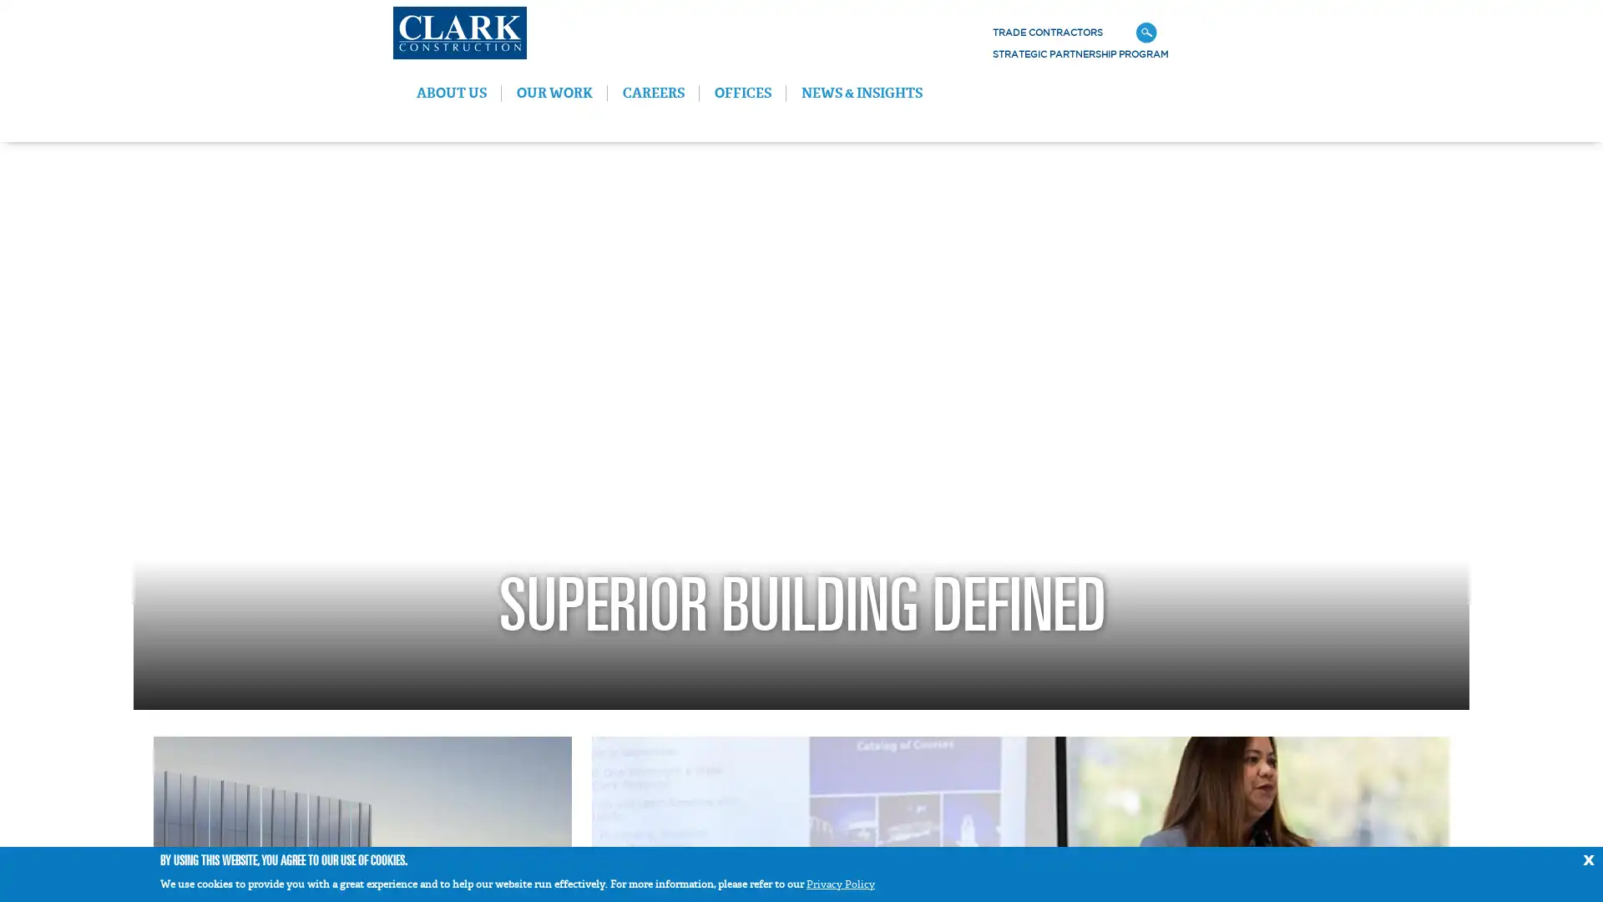  Describe the element at coordinates (1371, 33) in the screenshot. I see `Search` at that location.